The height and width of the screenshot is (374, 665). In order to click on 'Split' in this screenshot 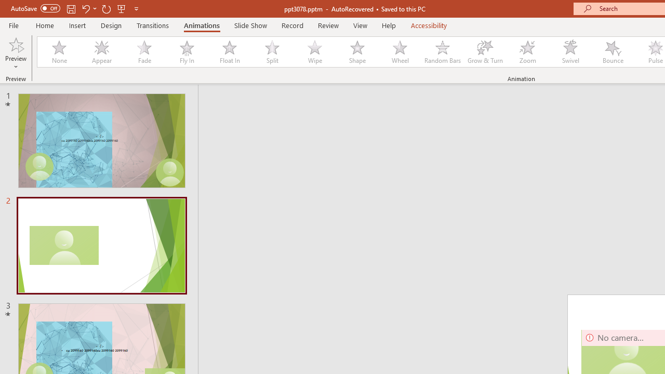, I will do `click(272, 52)`.